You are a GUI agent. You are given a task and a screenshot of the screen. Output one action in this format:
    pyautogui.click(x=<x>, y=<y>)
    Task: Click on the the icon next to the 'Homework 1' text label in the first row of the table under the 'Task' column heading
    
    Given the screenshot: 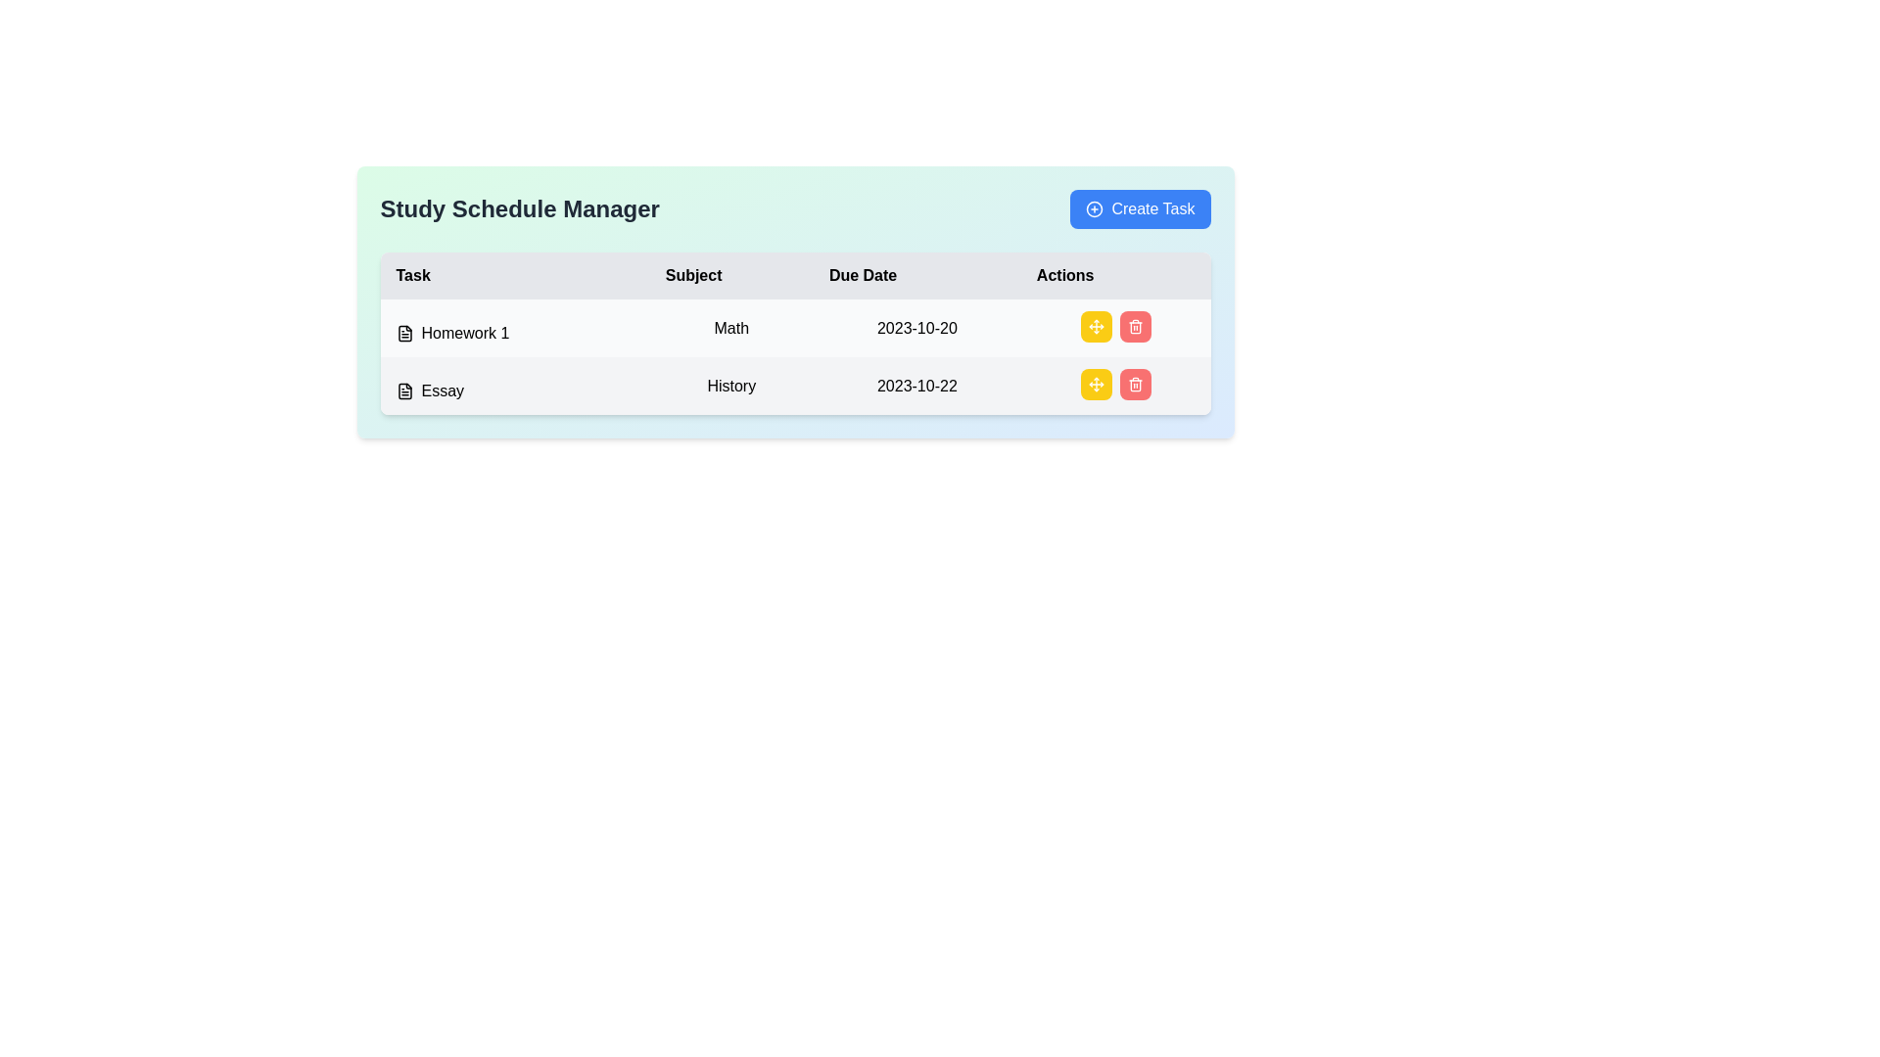 What is the action you would take?
    pyautogui.click(x=515, y=332)
    